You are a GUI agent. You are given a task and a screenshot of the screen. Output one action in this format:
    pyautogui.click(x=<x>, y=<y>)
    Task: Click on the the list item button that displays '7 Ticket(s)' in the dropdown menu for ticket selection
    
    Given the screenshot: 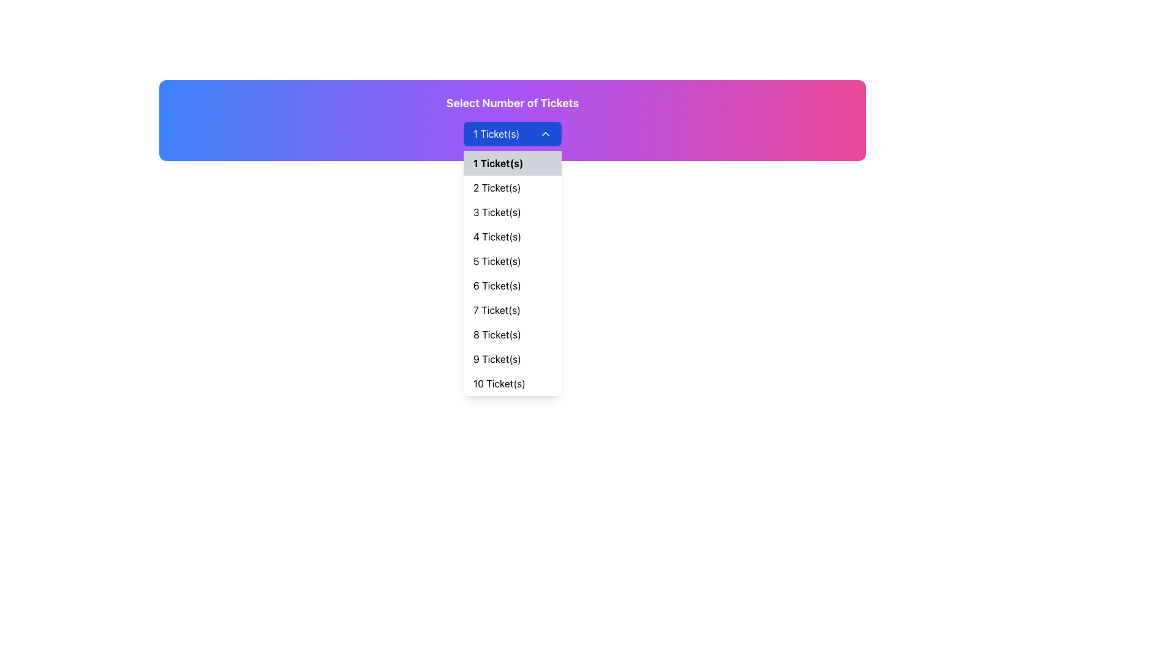 What is the action you would take?
    pyautogui.click(x=512, y=309)
    